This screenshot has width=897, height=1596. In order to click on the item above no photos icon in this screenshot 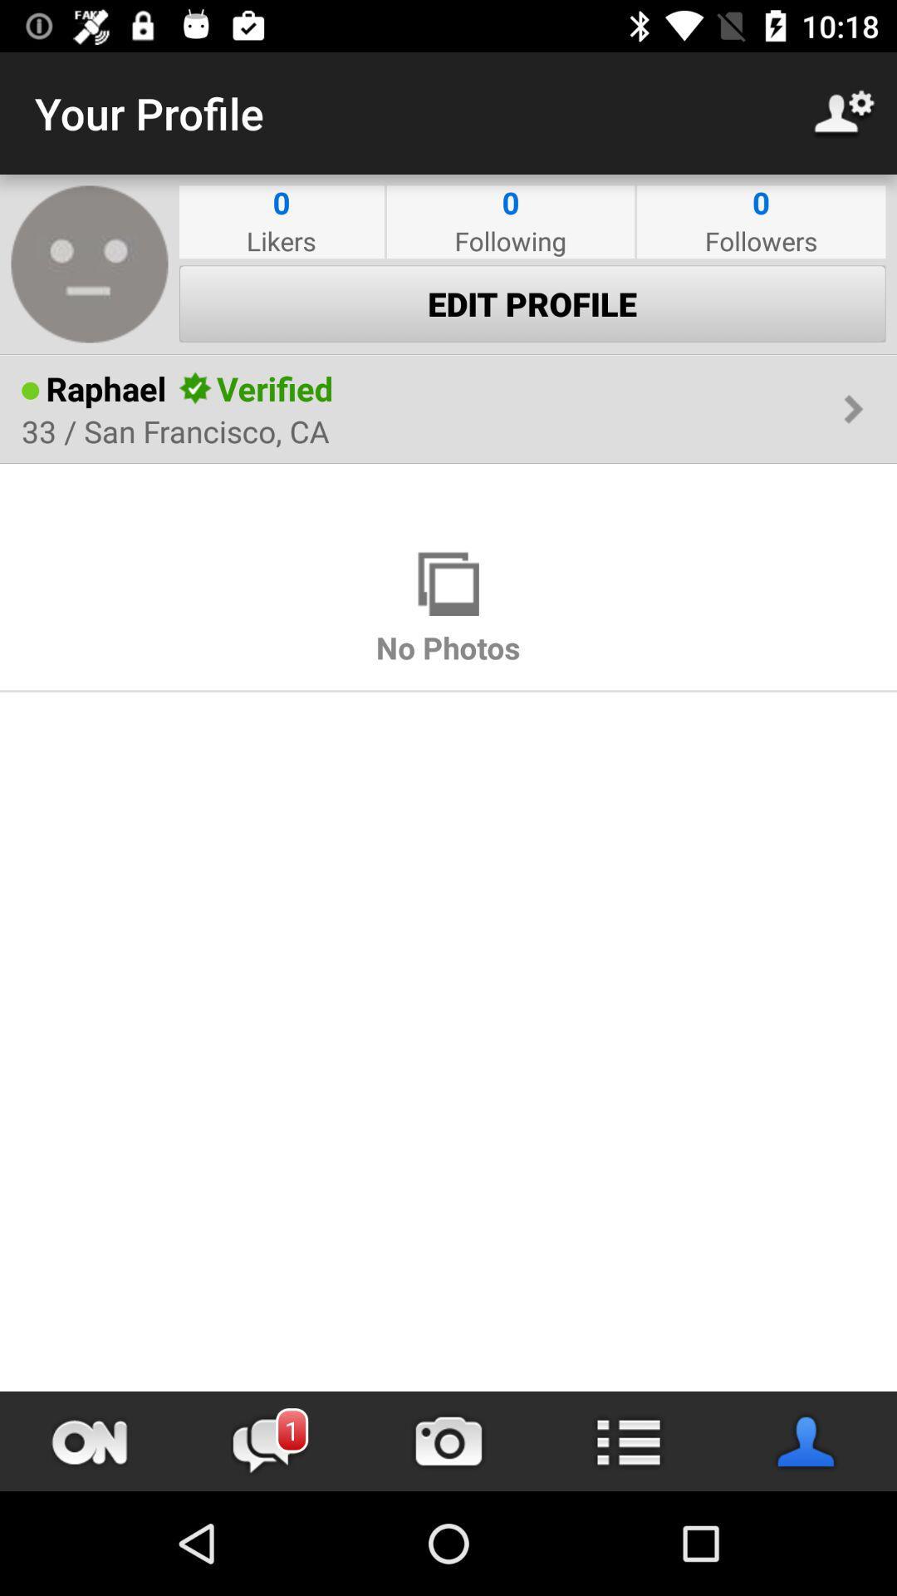, I will do `click(448, 584)`.